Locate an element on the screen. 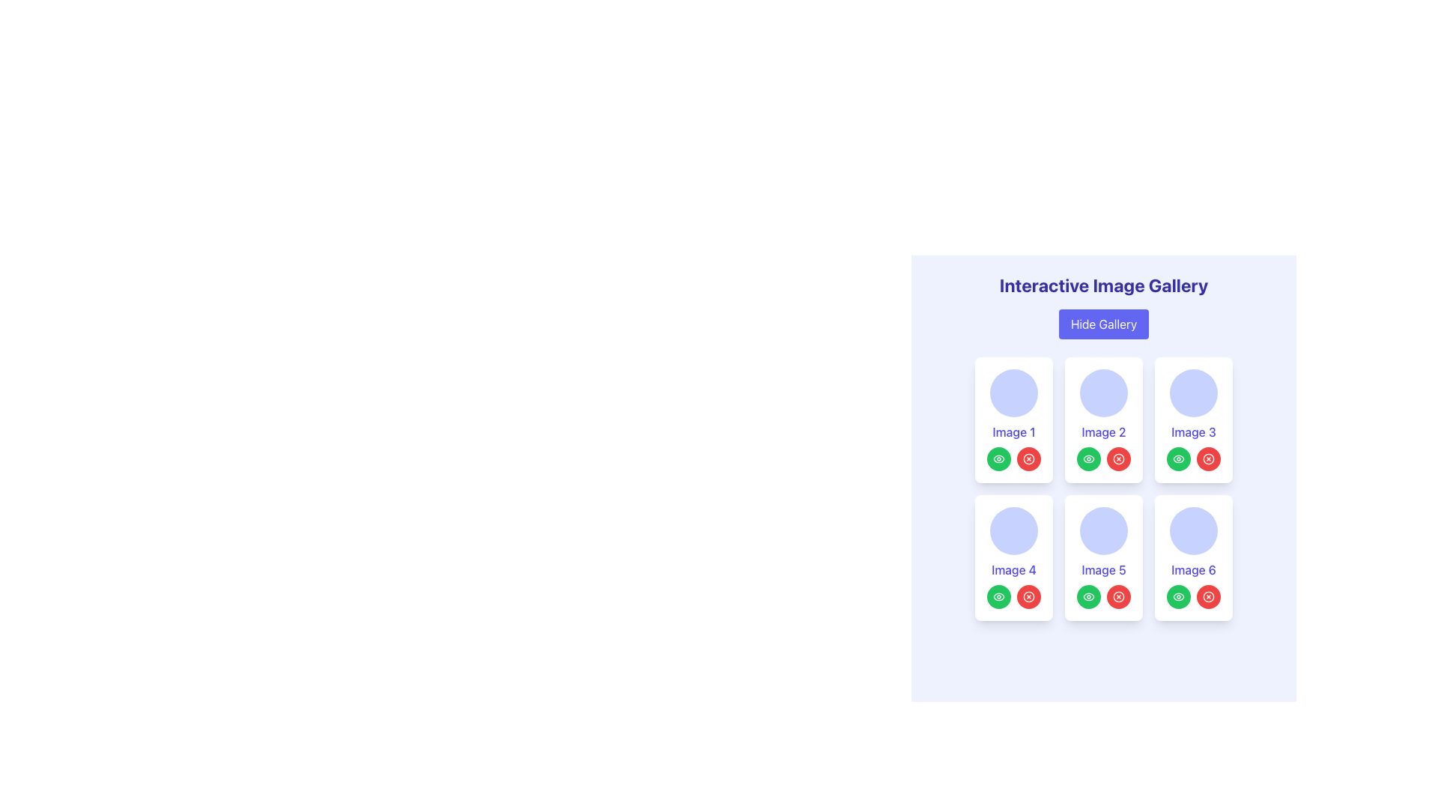 The height and width of the screenshot is (809, 1438). the interactive SVG Circle icon for deleting or canceling an action related to the fourth image card labeled 'Image 4' in the gallery interface is located at coordinates (1028, 596).